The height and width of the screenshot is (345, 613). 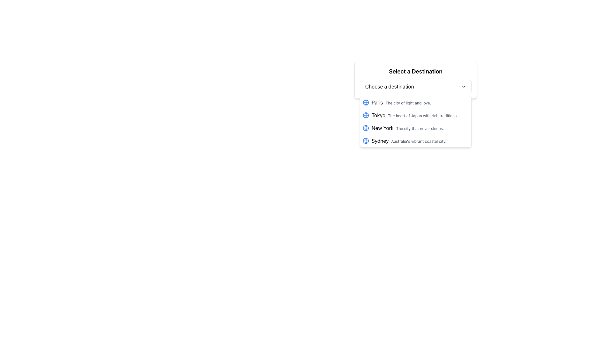 What do you see at coordinates (423, 116) in the screenshot?
I see `the text snippet that reads 'The heart of Japan with rich traditions.' located in the dropdown list under the 'Tokyo' destination` at bounding box center [423, 116].